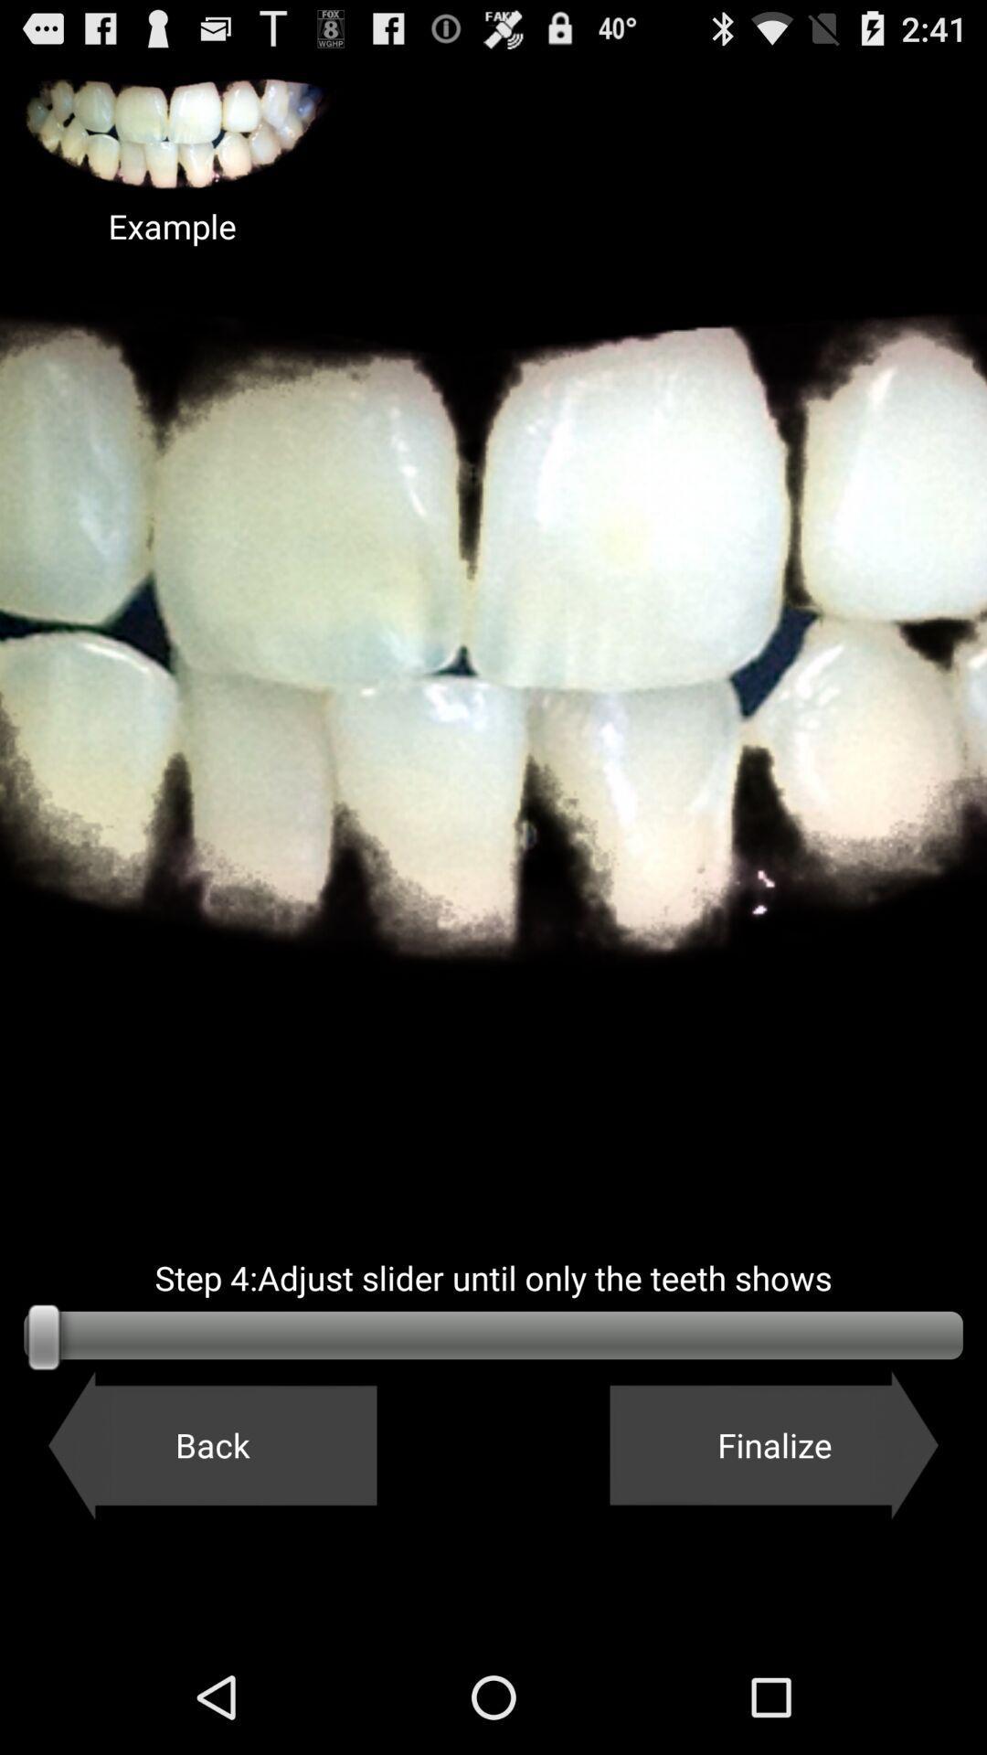  I want to click on the button next to finalize icon, so click(211, 1444).